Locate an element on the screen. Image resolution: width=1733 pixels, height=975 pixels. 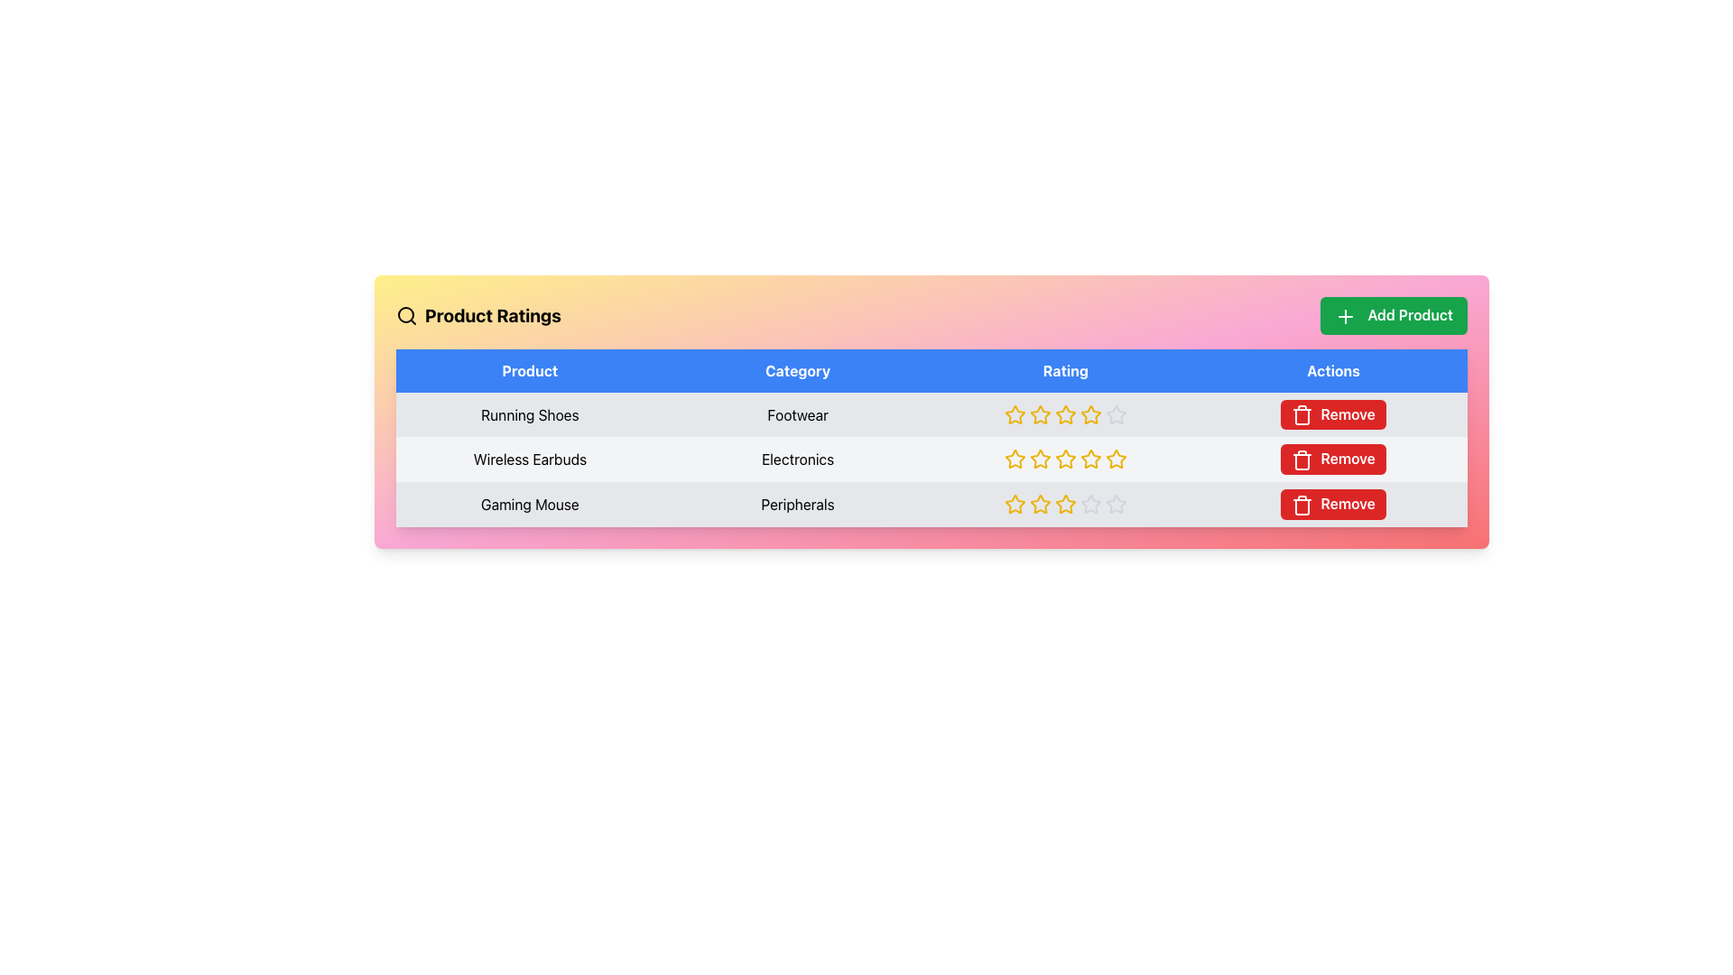
the 'Remove' button with a red background and white text in the Actions column of the 'Running Shoes' product row is located at coordinates (1333, 414).